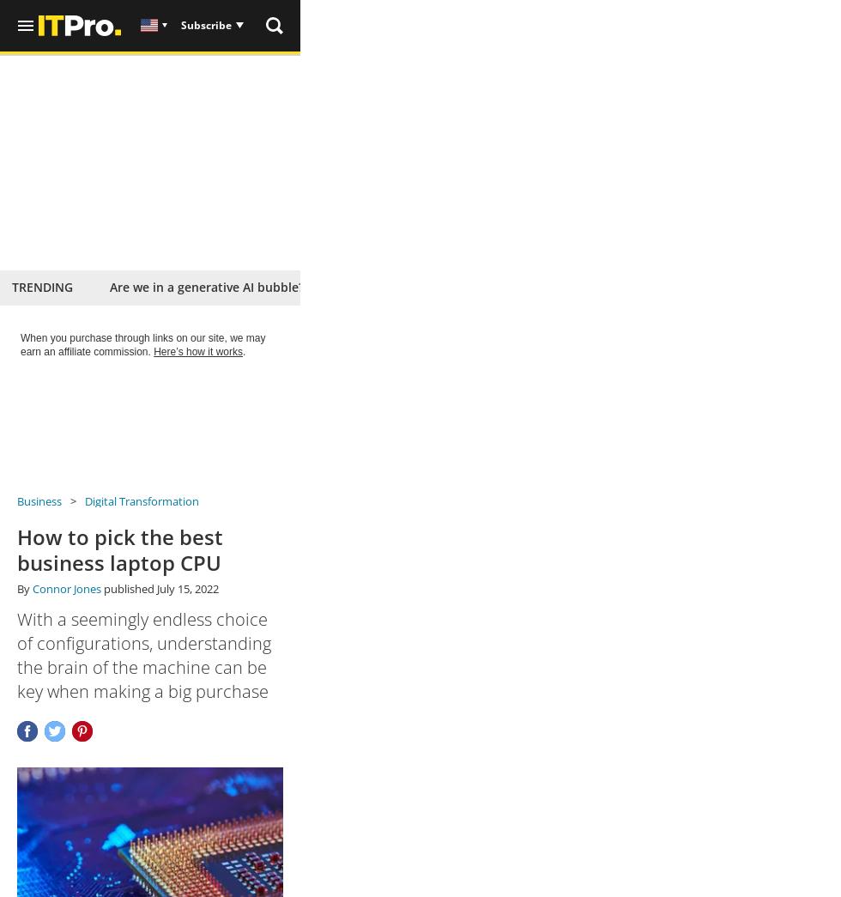 Image resolution: width=841 pixels, height=897 pixels. What do you see at coordinates (129, 589) in the screenshot?
I see `'published'` at bounding box center [129, 589].